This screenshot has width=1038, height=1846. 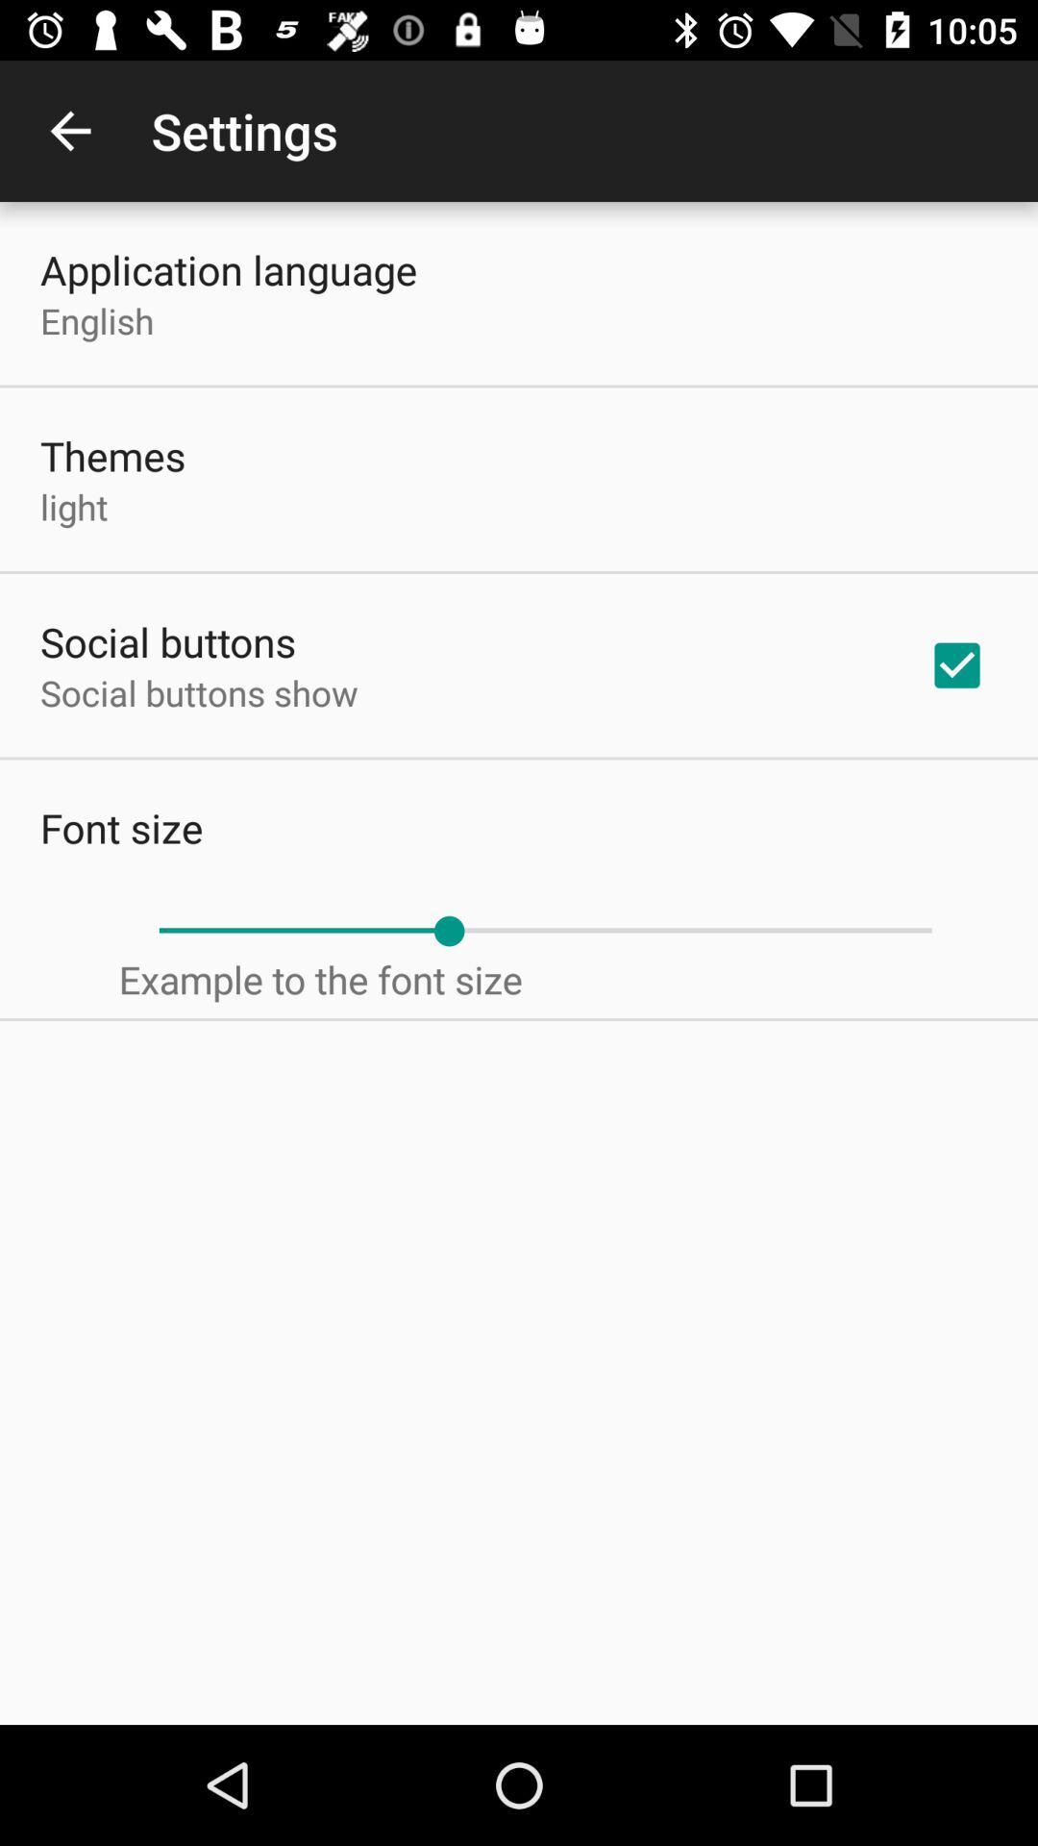 I want to click on icon below the english item, so click(x=112, y=455).